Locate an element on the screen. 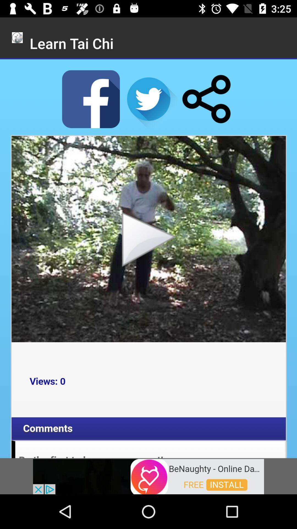 The image size is (297, 529). advertising is located at coordinates (148, 476).